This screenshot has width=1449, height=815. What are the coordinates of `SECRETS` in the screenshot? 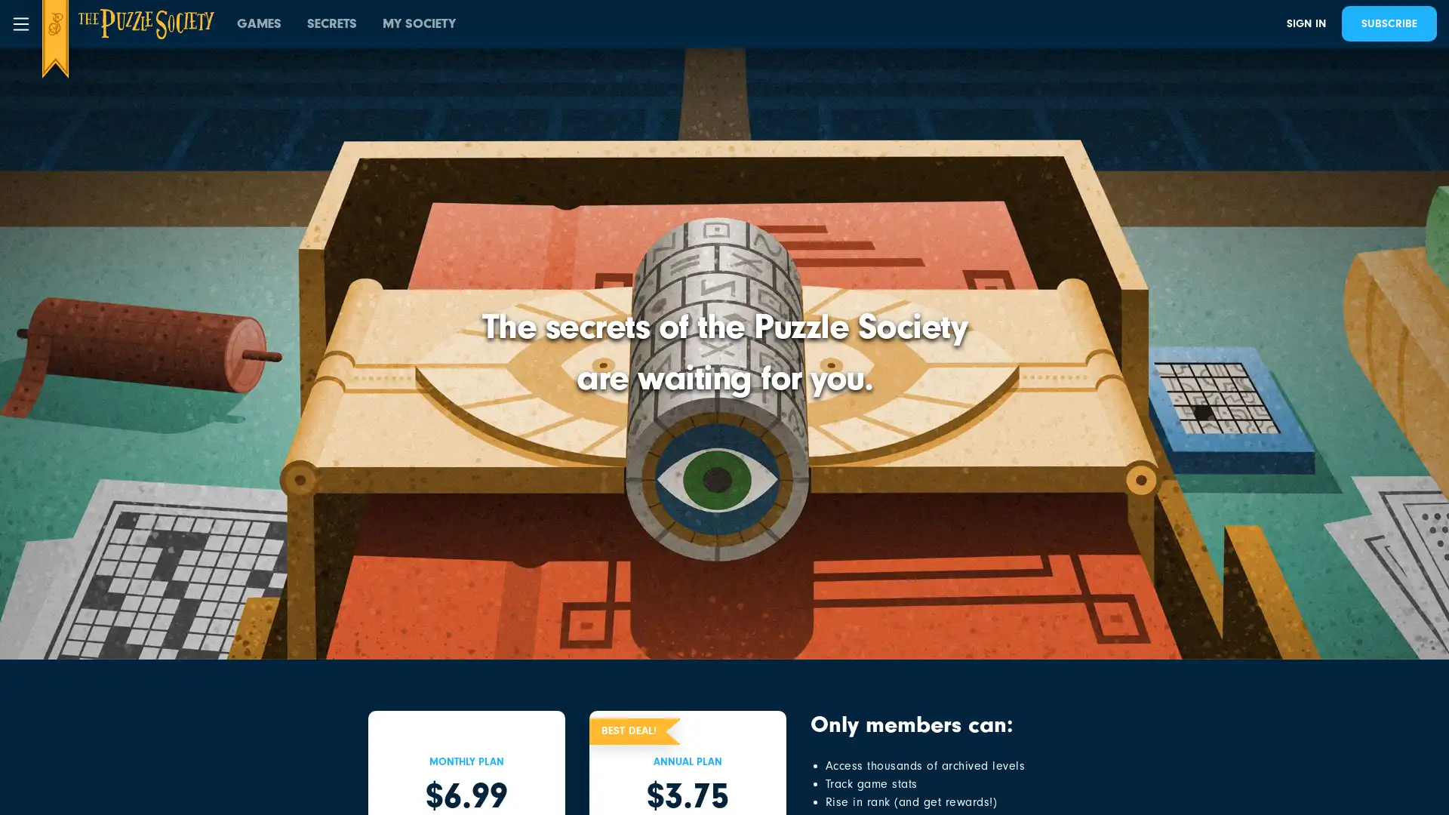 It's located at (331, 23).